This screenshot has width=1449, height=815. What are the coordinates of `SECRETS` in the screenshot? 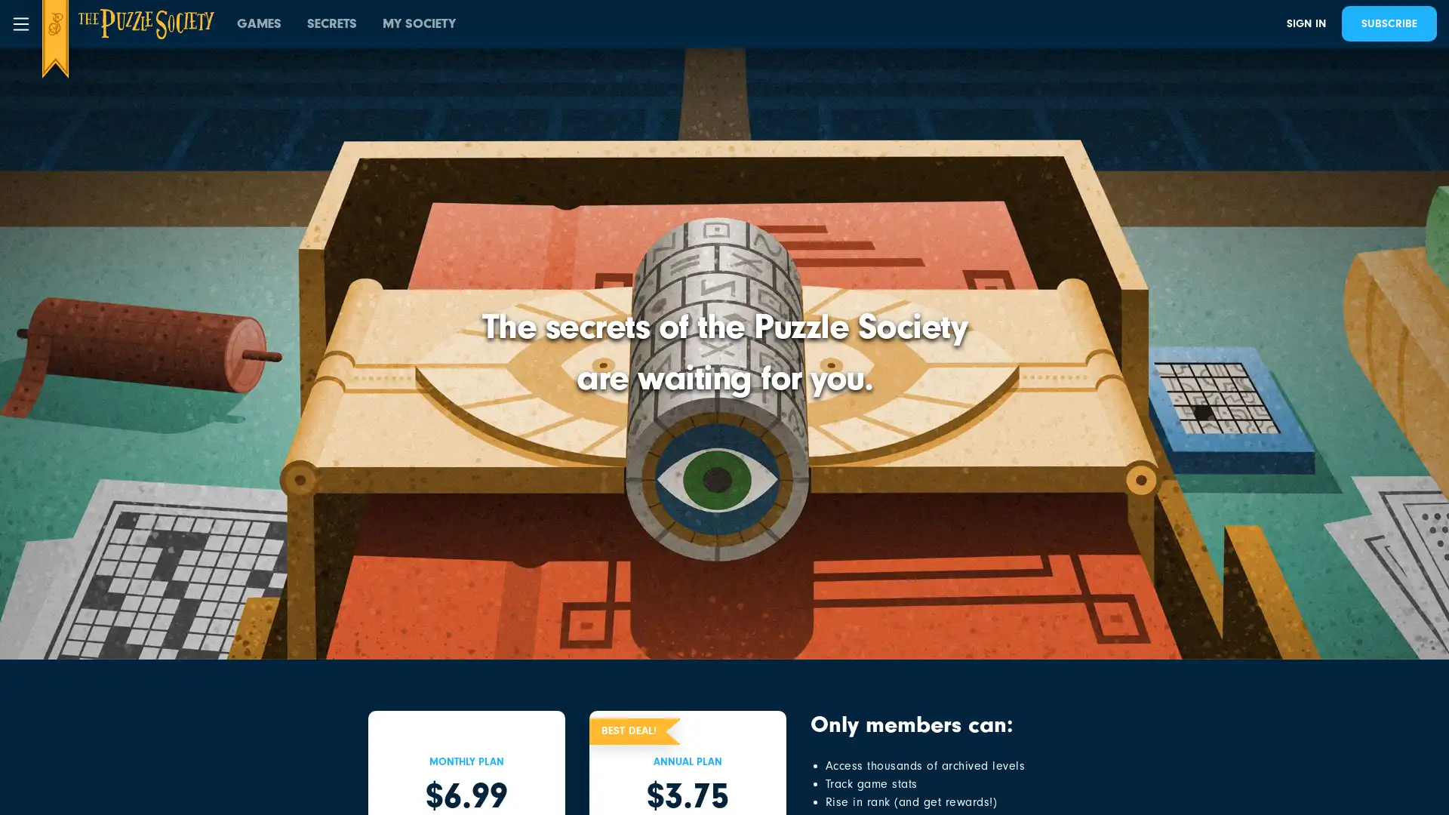 It's located at (331, 23).